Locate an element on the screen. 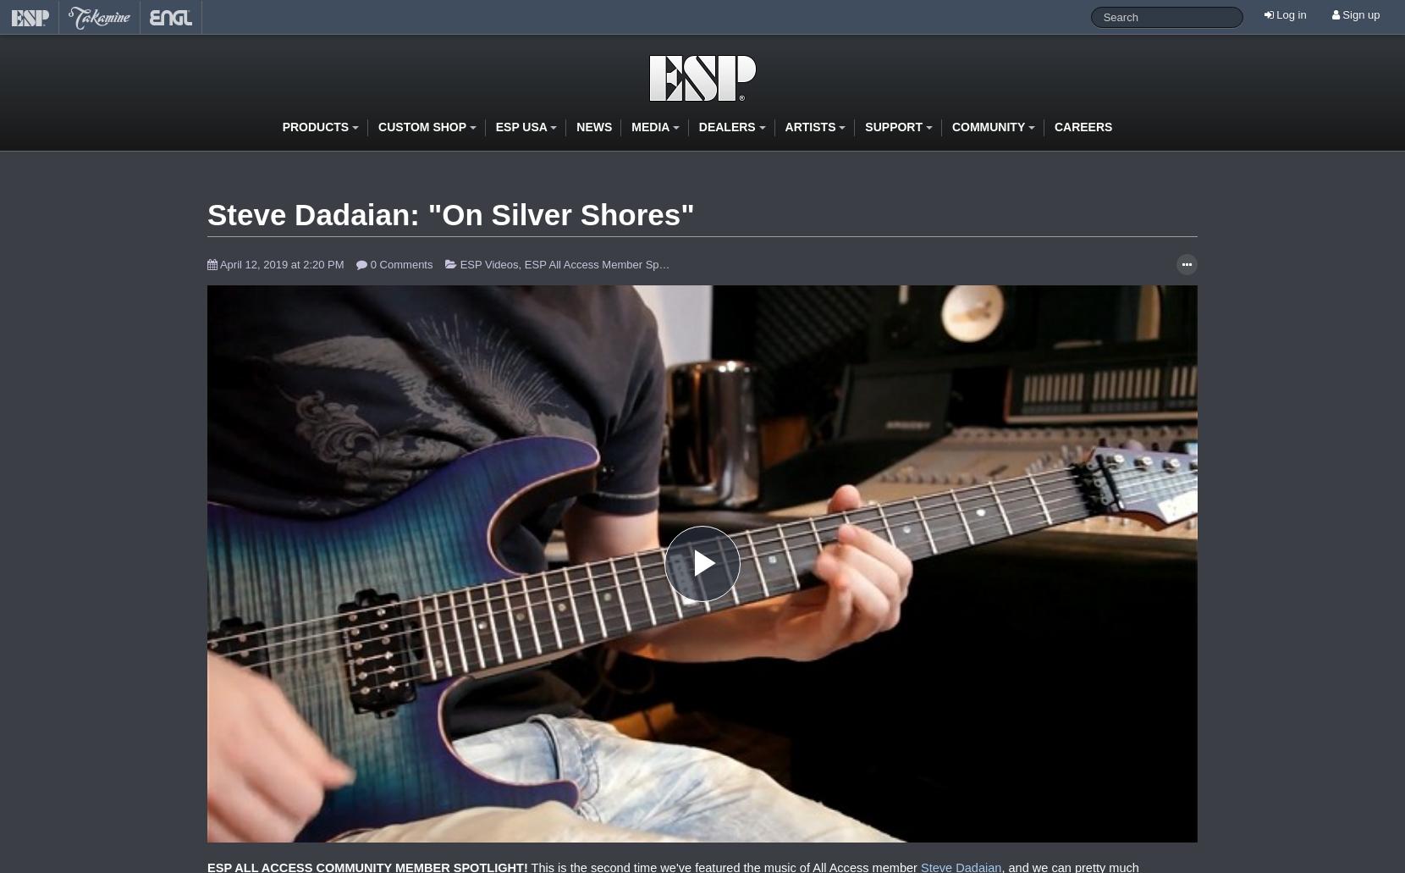 This screenshot has width=1405, height=873. 'News' is located at coordinates (593, 124).